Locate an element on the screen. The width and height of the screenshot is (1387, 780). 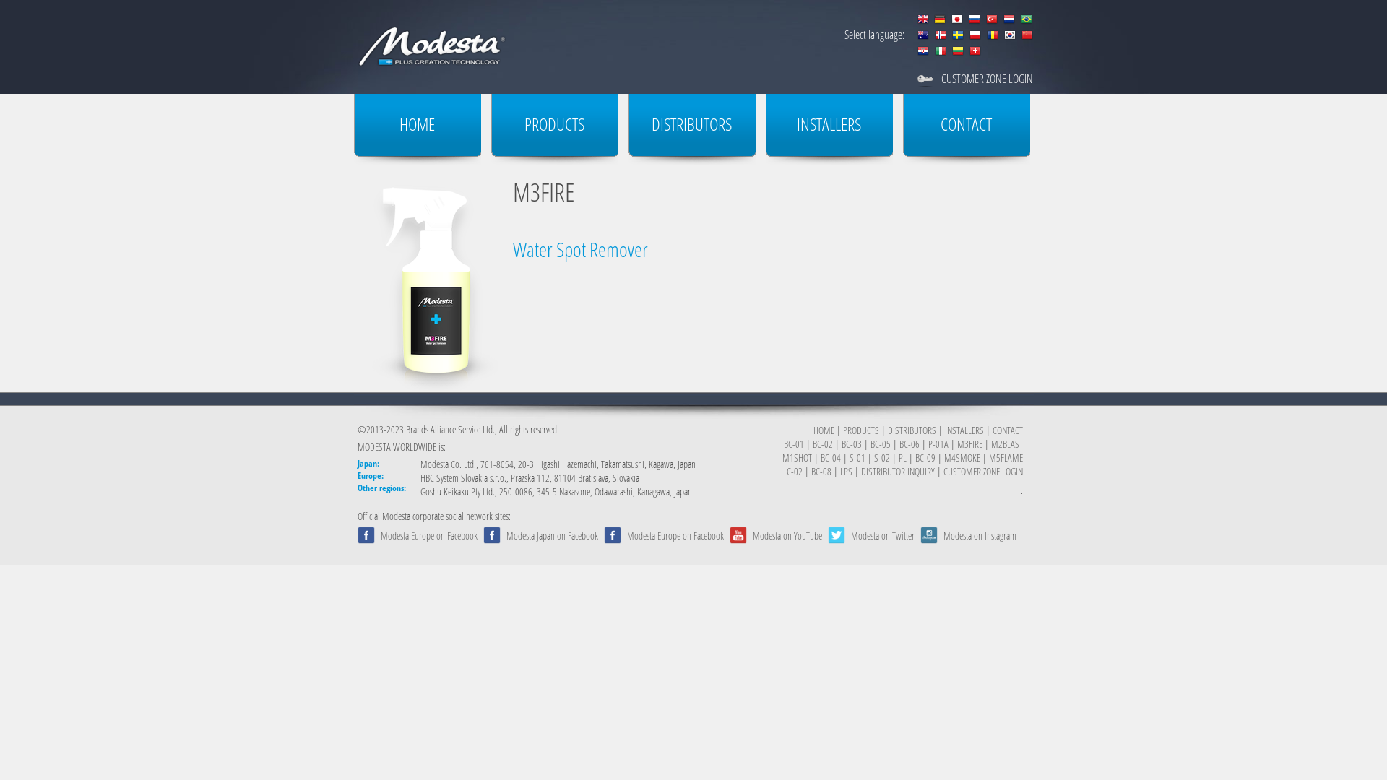
'BC-02' is located at coordinates (822, 443).